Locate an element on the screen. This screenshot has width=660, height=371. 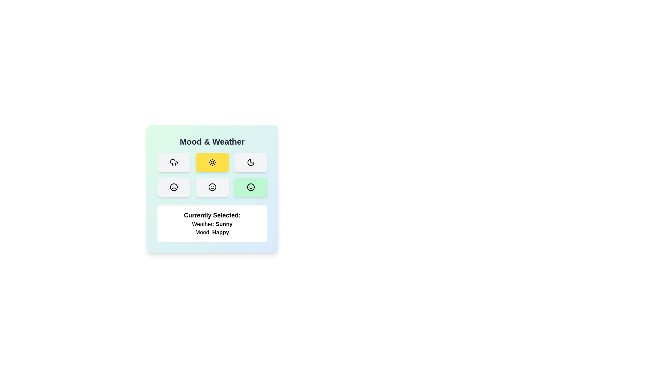
the minimalist round icon resembling a face with a neutral expression located in the lower left quadrant of the grid within the 'Mood & Weather' section is located at coordinates (212, 187).